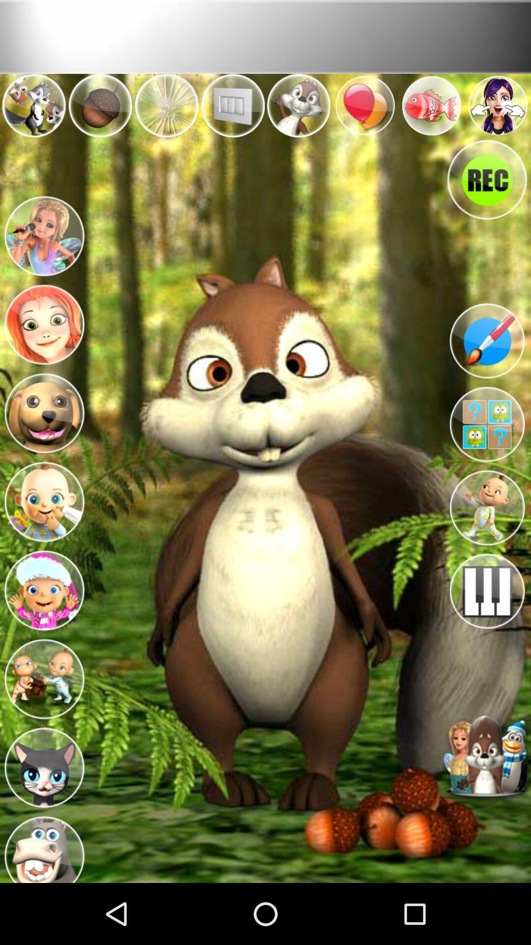 The height and width of the screenshot is (945, 531). I want to click on the edit icon, so click(487, 364).